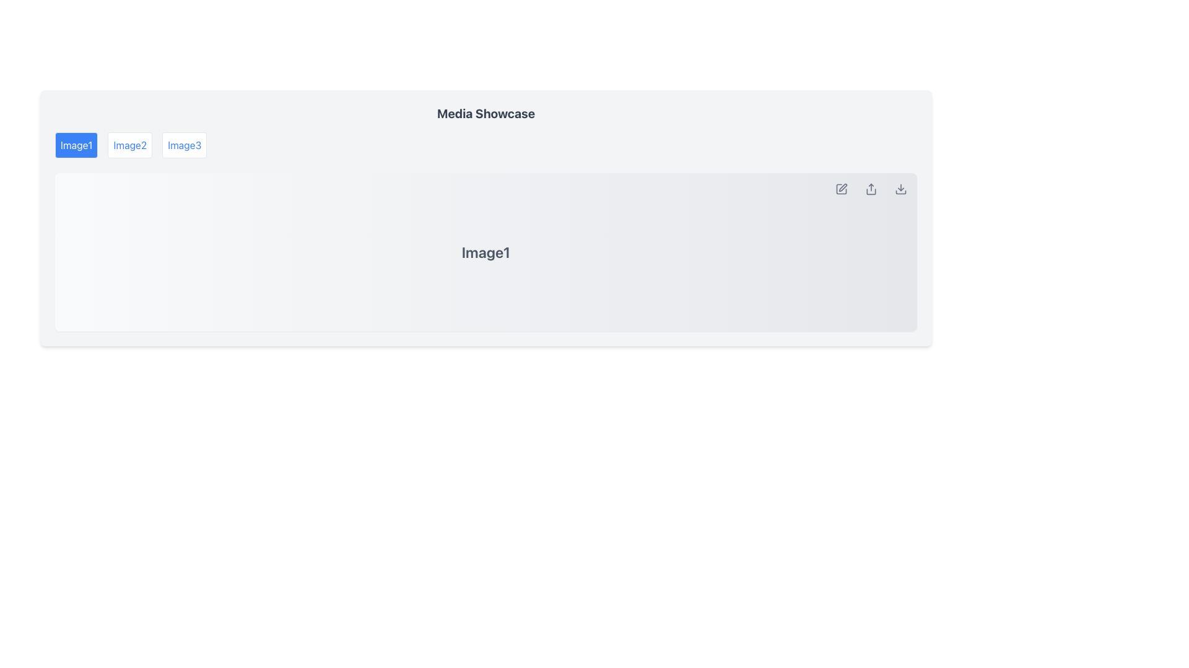 The image size is (1189, 668). Describe the element at coordinates (870, 189) in the screenshot. I see `the sharing icon located at the top-right corner of the component labeled 'Image1', positioned between the edit icon and the download icon` at that location.